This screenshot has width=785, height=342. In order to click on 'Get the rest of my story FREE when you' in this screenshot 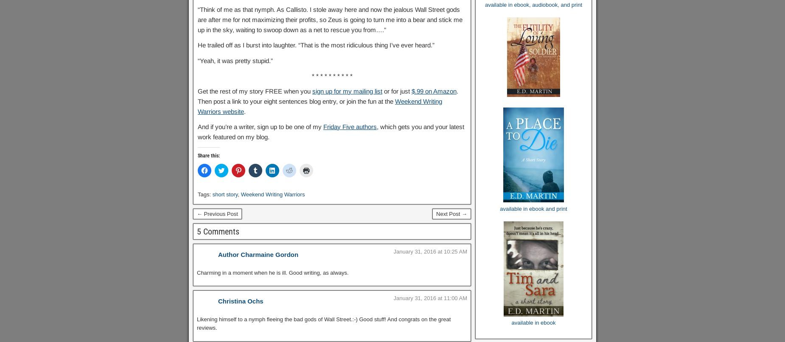, I will do `click(255, 91)`.